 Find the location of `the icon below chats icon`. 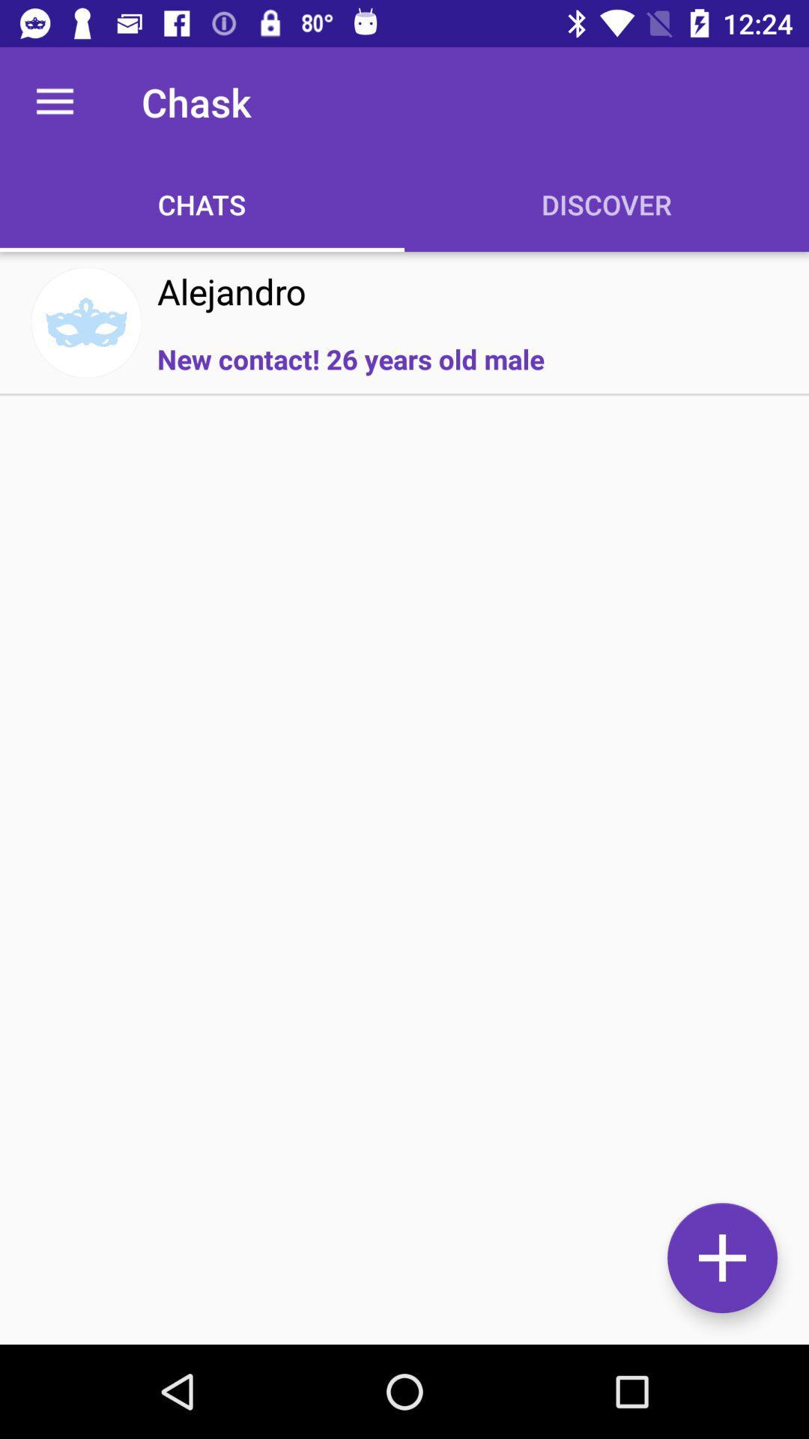

the icon below chats icon is located at coordinates (231, 291).